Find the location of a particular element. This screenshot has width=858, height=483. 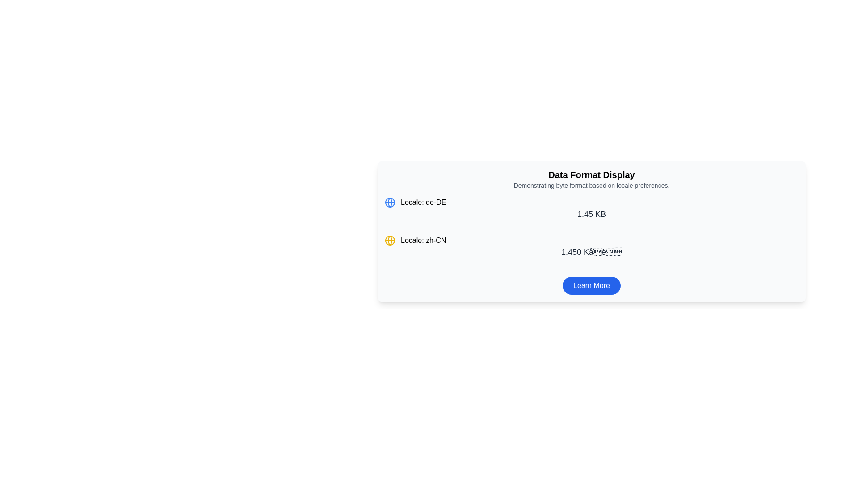

the central circle decorative graphic element within the globe icon located in the upper right part of the interface is located at coordinates (390, 202).